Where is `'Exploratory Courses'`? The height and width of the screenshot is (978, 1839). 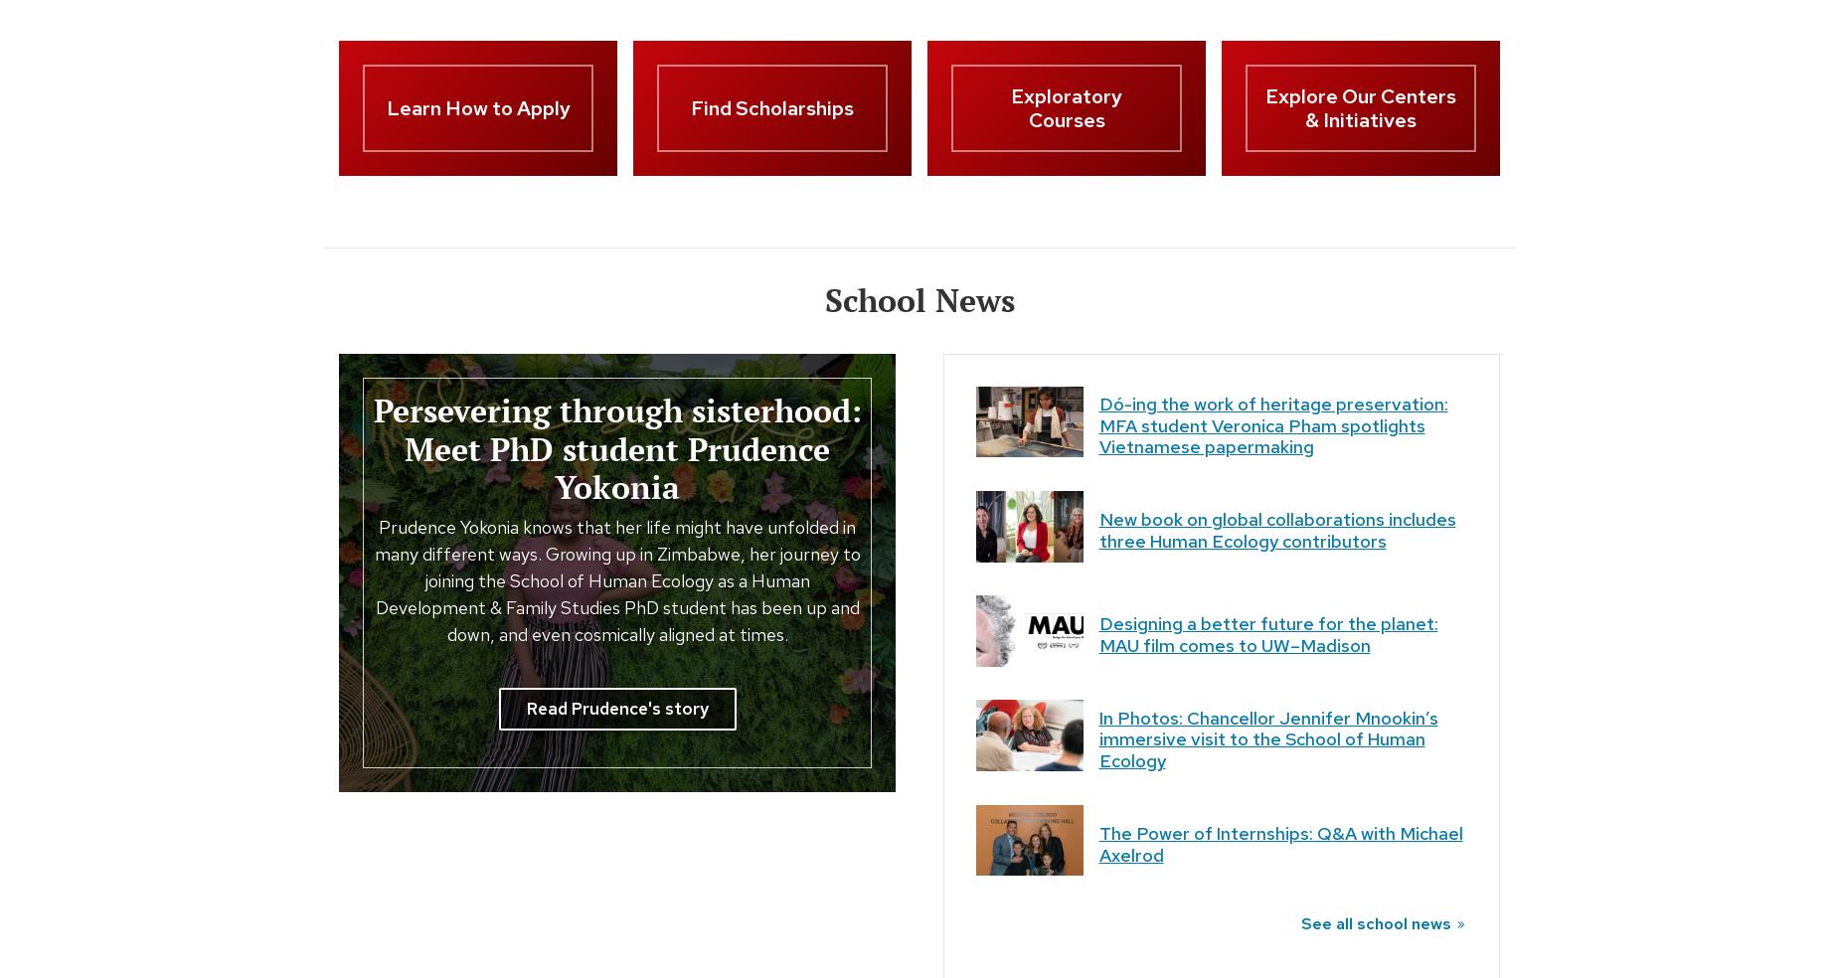
'Exploratory Courses' is located at coordinates (1066, 107).